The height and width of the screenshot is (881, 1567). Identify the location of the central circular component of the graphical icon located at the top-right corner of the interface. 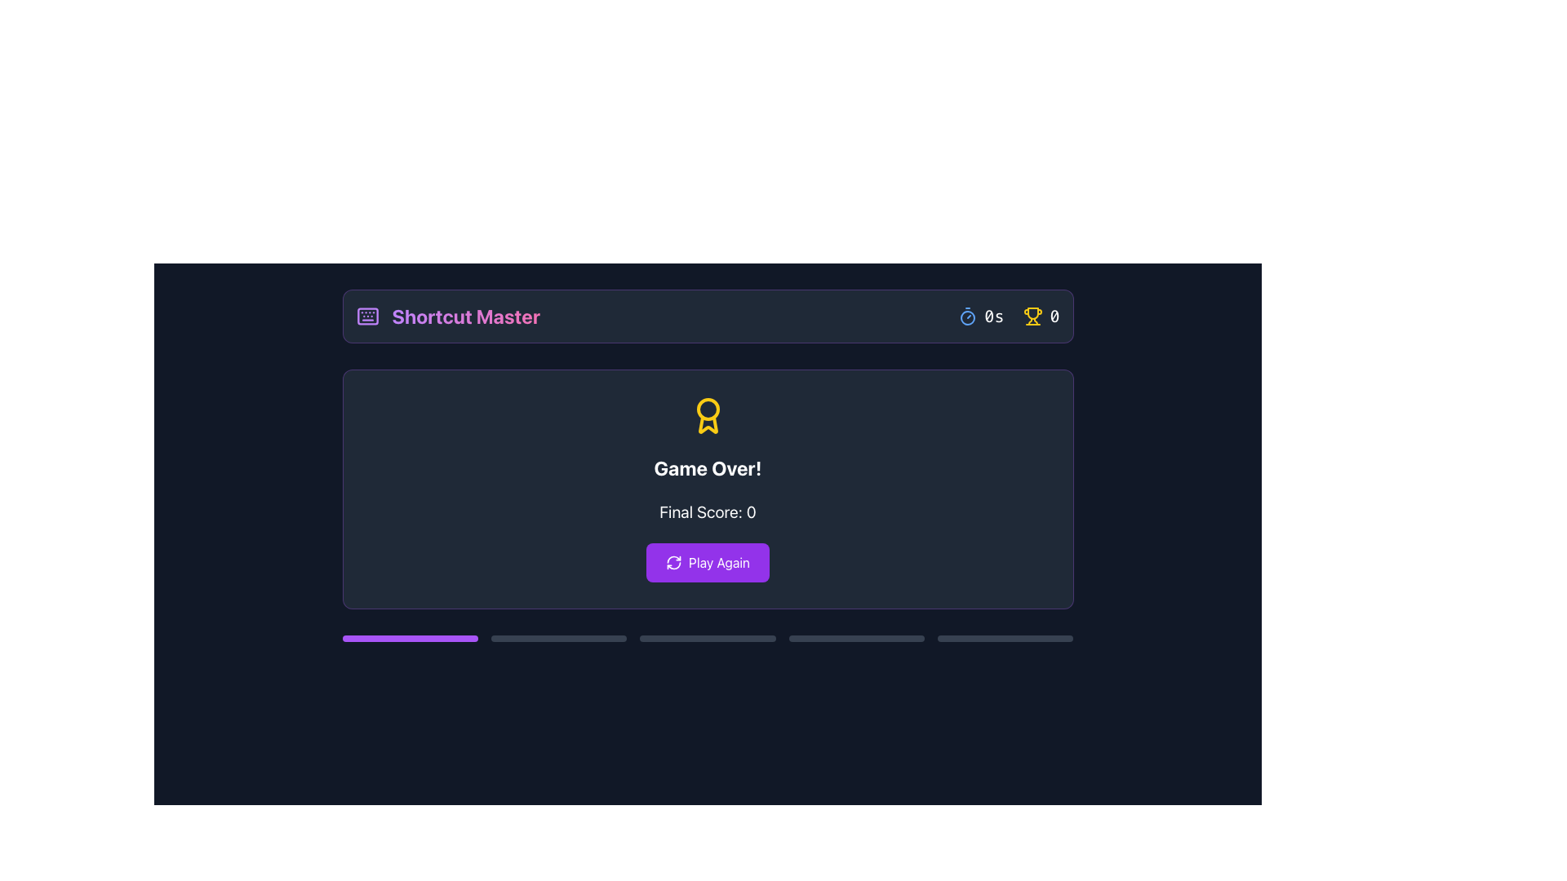
(968, 317).